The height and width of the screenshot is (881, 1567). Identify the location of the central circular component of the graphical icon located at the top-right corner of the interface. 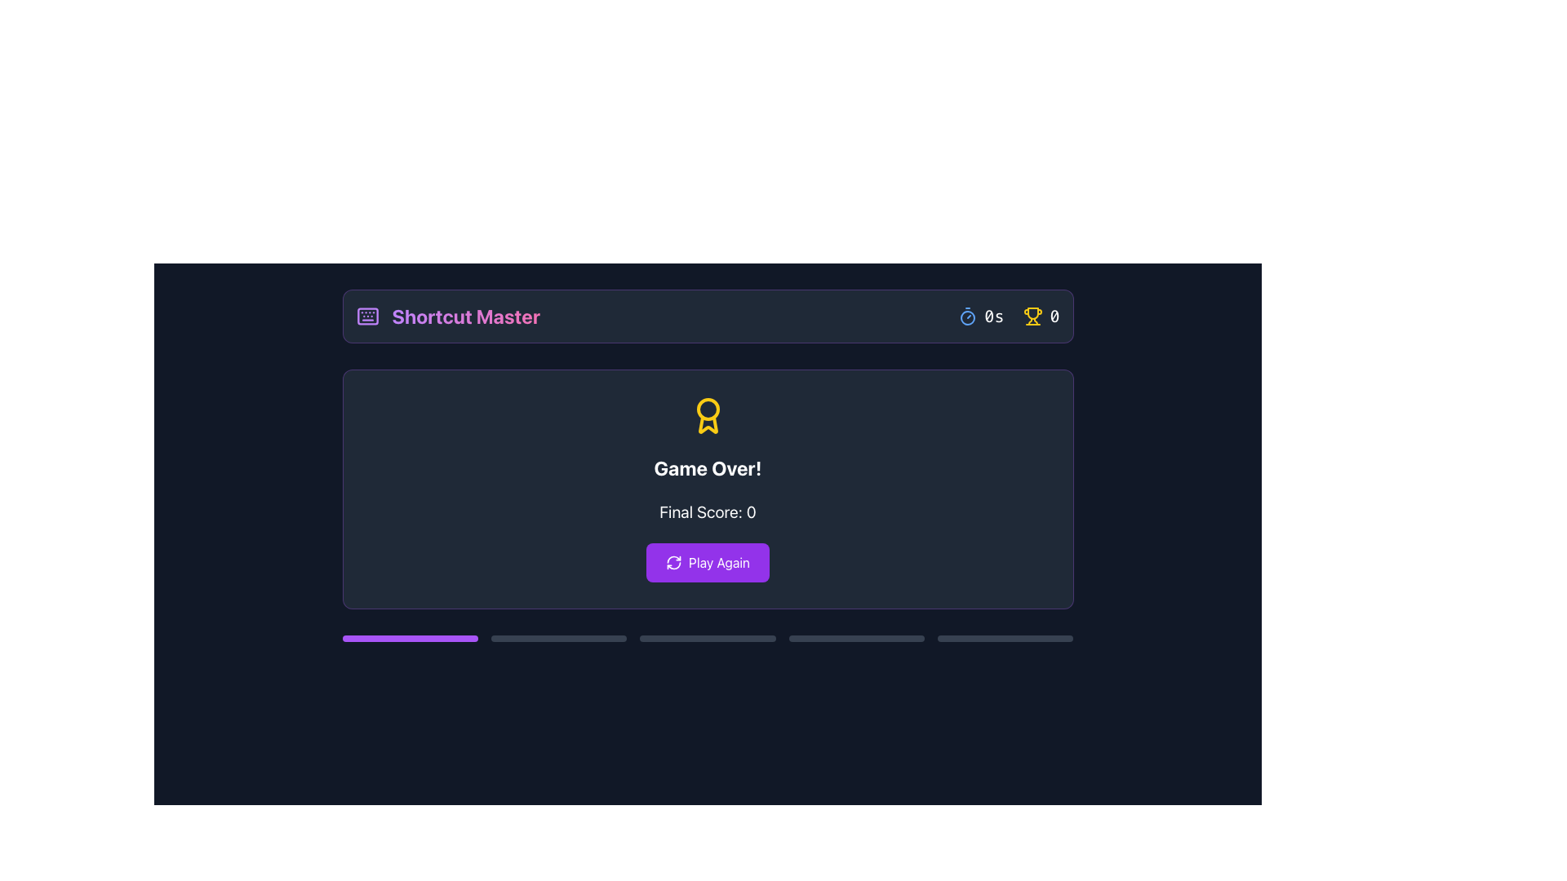
(968, 317).